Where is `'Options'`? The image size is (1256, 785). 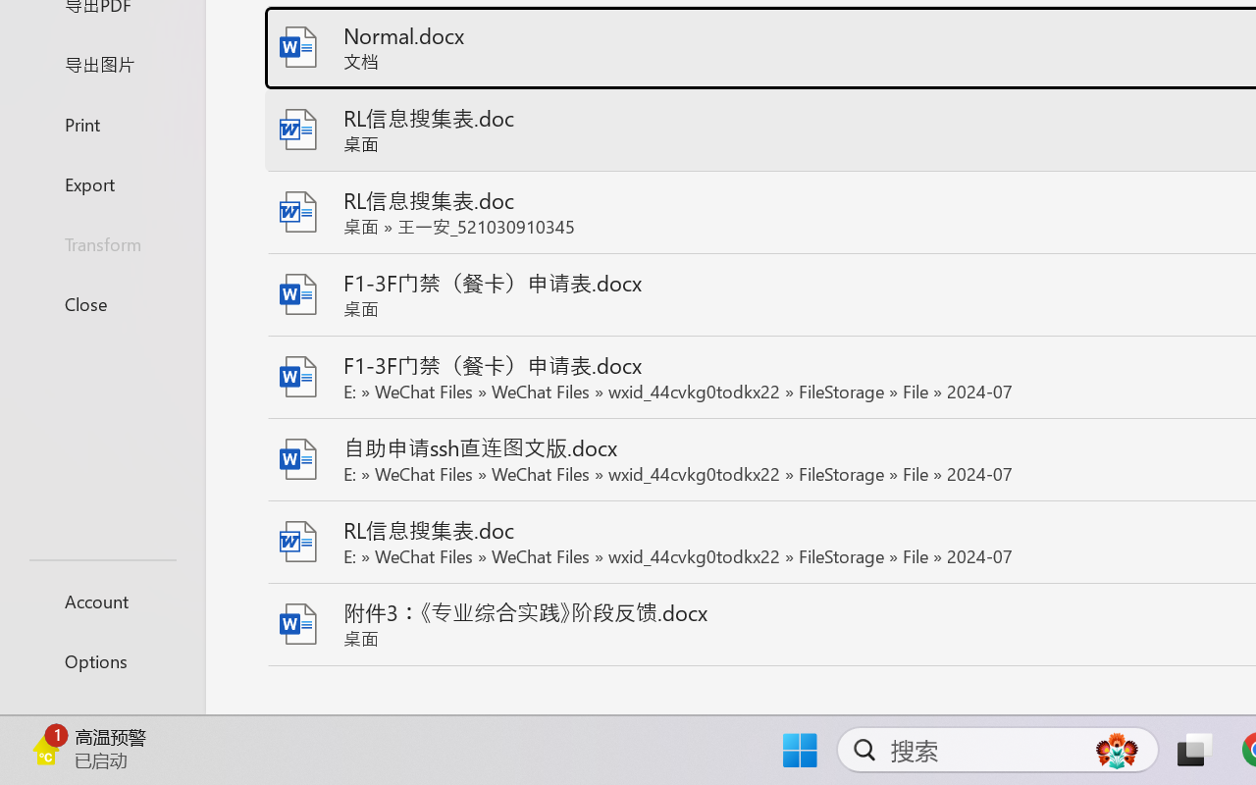
'Options' is located at coordinates (101, 660).